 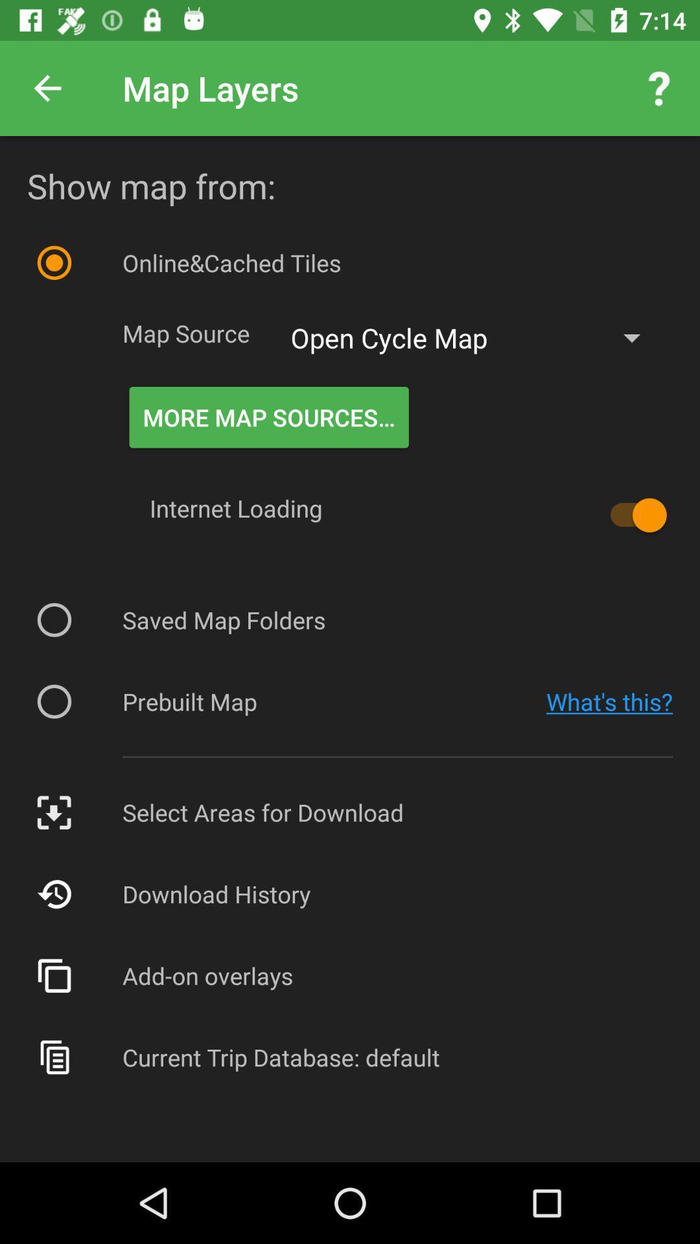 I want to click on what's this? item, so click(x=609, y=701).